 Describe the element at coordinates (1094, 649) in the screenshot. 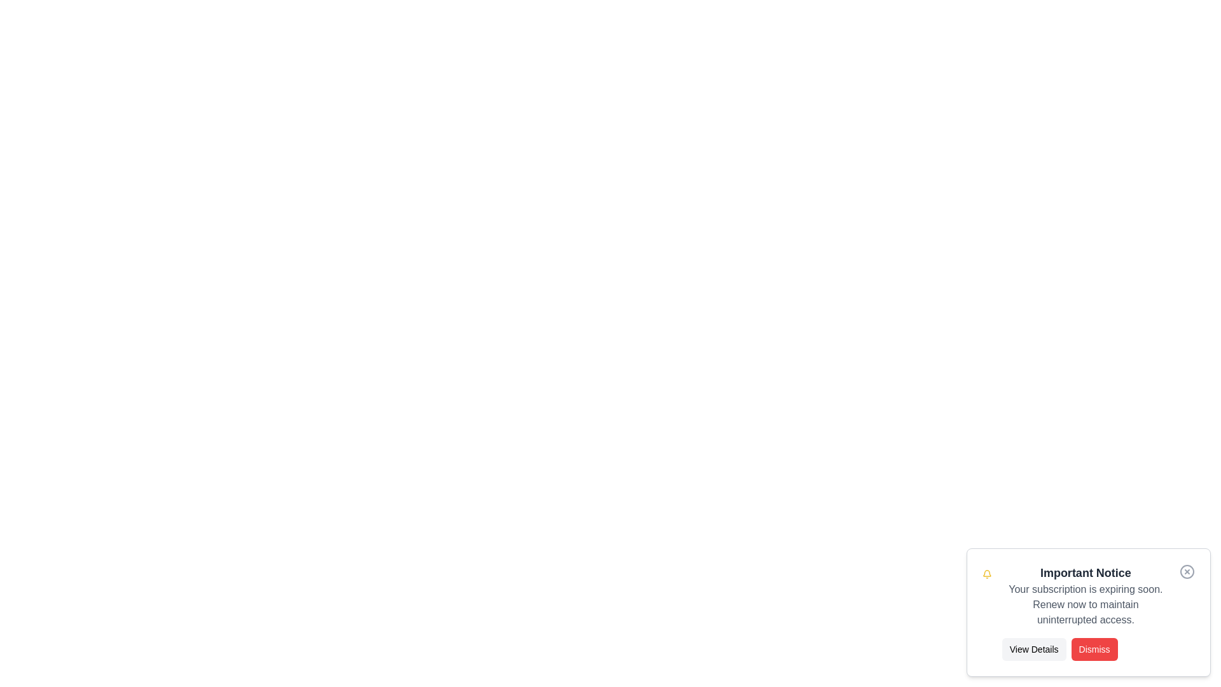

I see `the rectangular button with a red background and white text that says 'Dismiss'` at that location.